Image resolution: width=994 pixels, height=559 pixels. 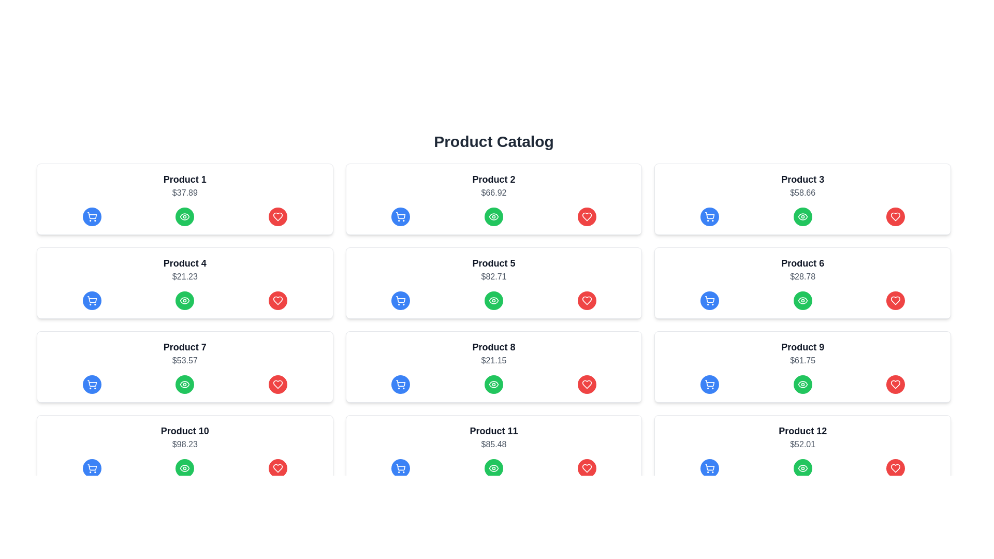 I want to click on the eye-like visibility icon located at the bottom left of the 'Product 6' card, so click(x=802, y=216).